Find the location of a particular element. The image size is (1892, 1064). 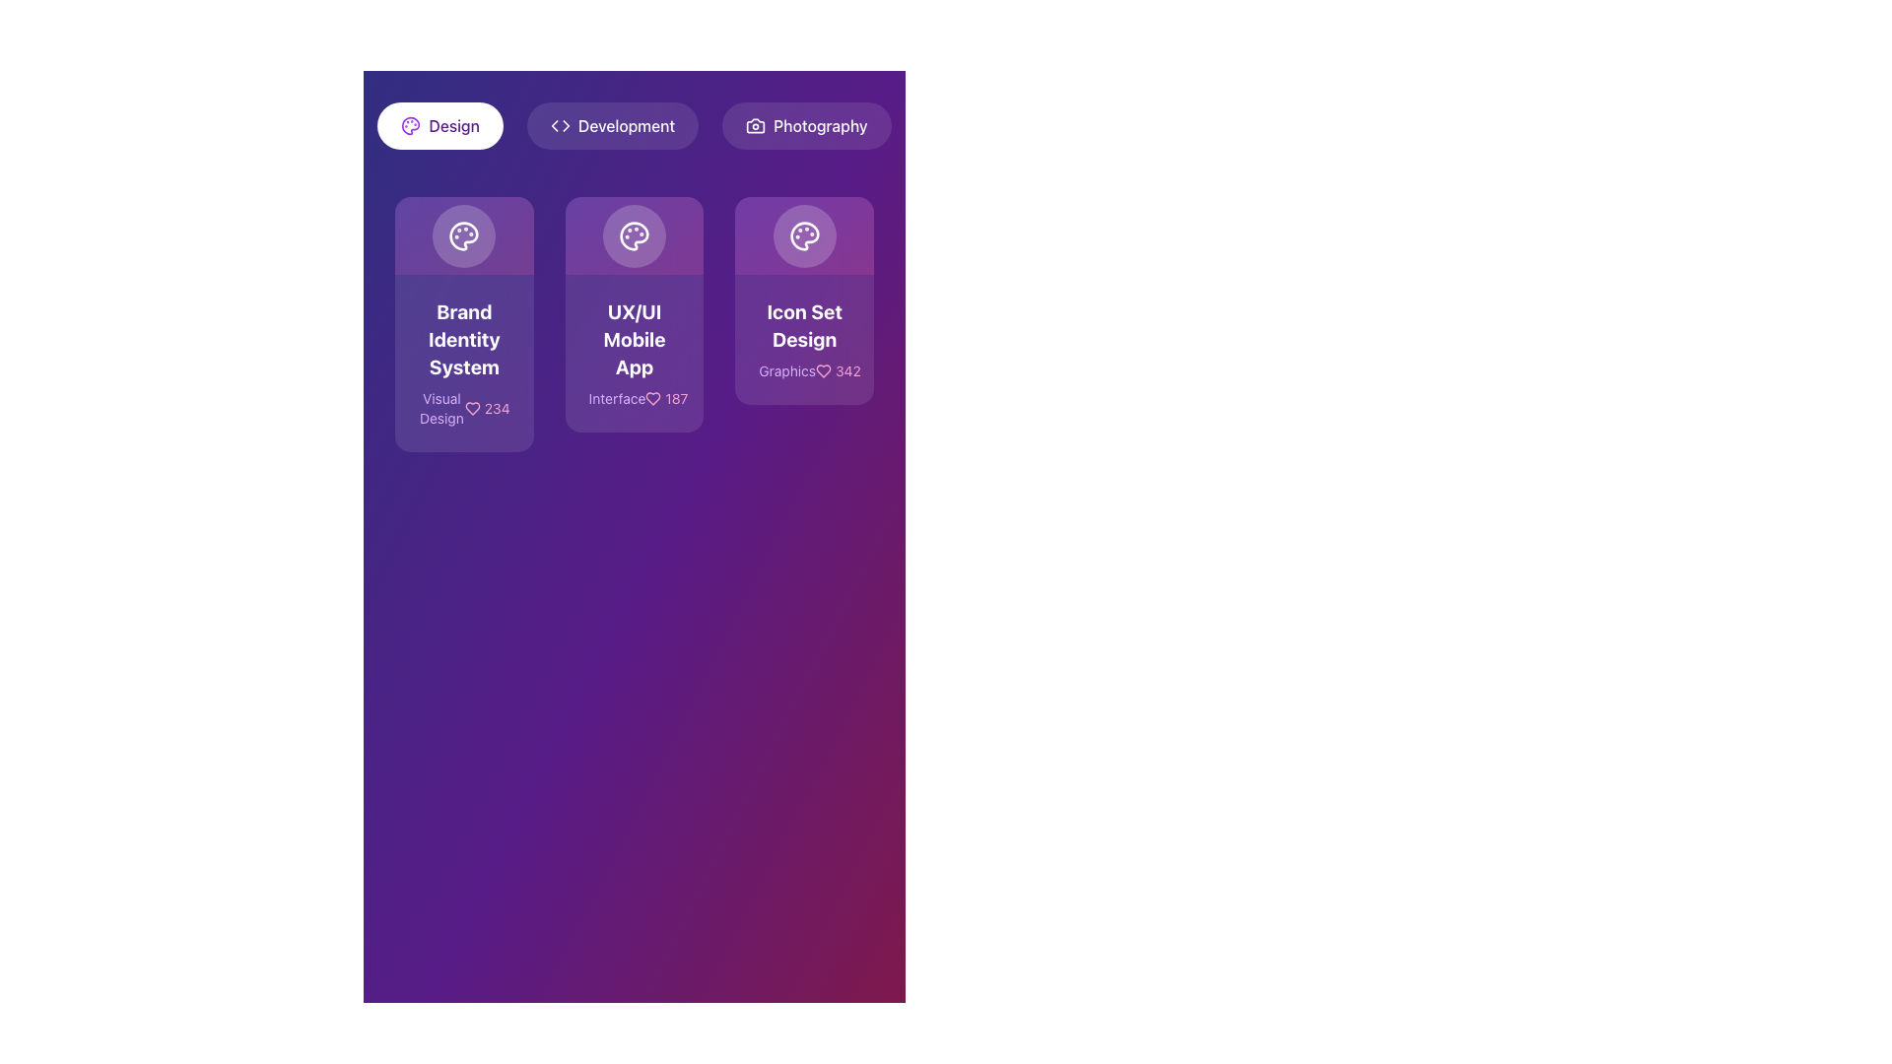

the lower section of the palette icon within the button labeled 'Icon Set Design' is located at coordinates (634, 234).